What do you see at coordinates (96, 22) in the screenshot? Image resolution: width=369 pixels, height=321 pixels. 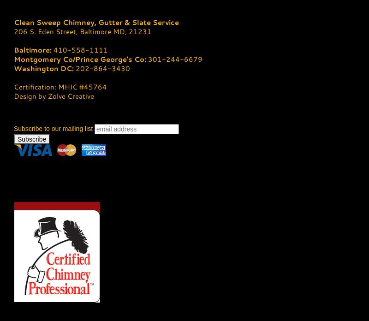 I see `'Clean Sweep Chimney, Gutter & Slate Service'` at bounding box center [96, 22].